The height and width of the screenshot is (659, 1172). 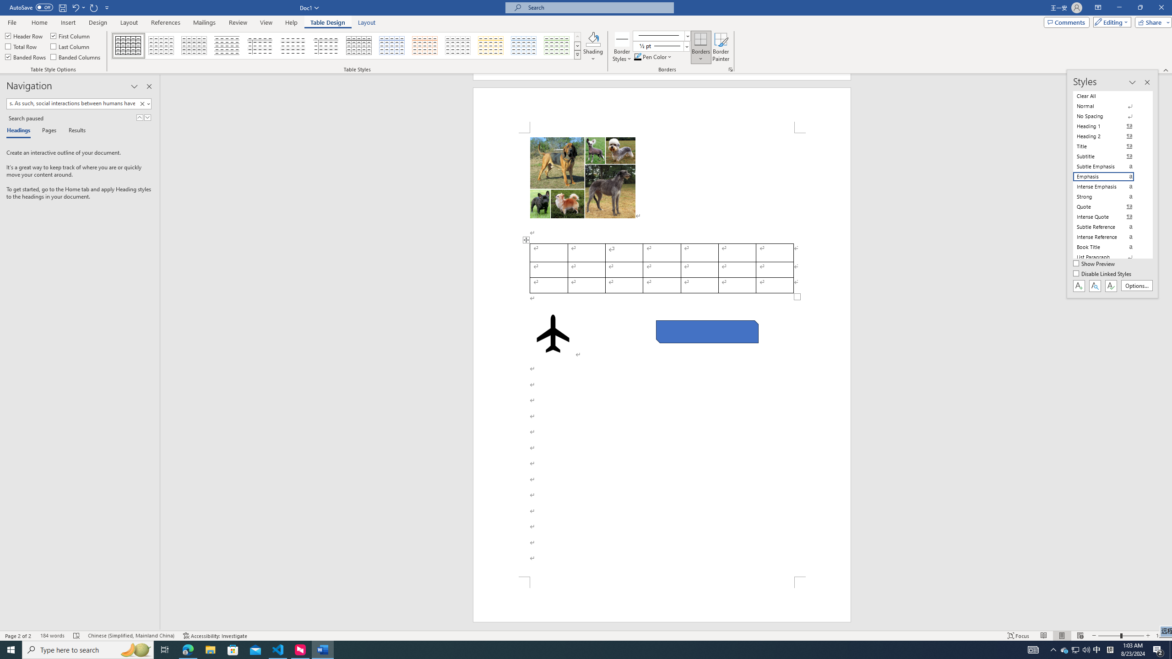 What do you see at coordinates (1109, 247) in the screenshot?
I see `'Book Title'` at bounding box center [1109, 247].